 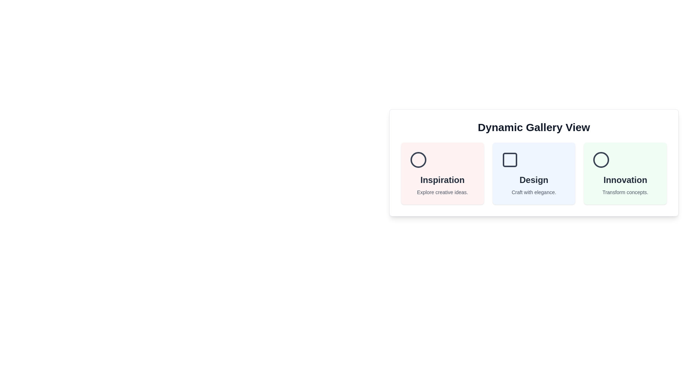 What do you see at coordinates (442, 174) in the screenshot?
I see `the leftmost Card that provides information on inspiration, which serves as a navigation option or section header within the interface` at bounding box center [442, 174].